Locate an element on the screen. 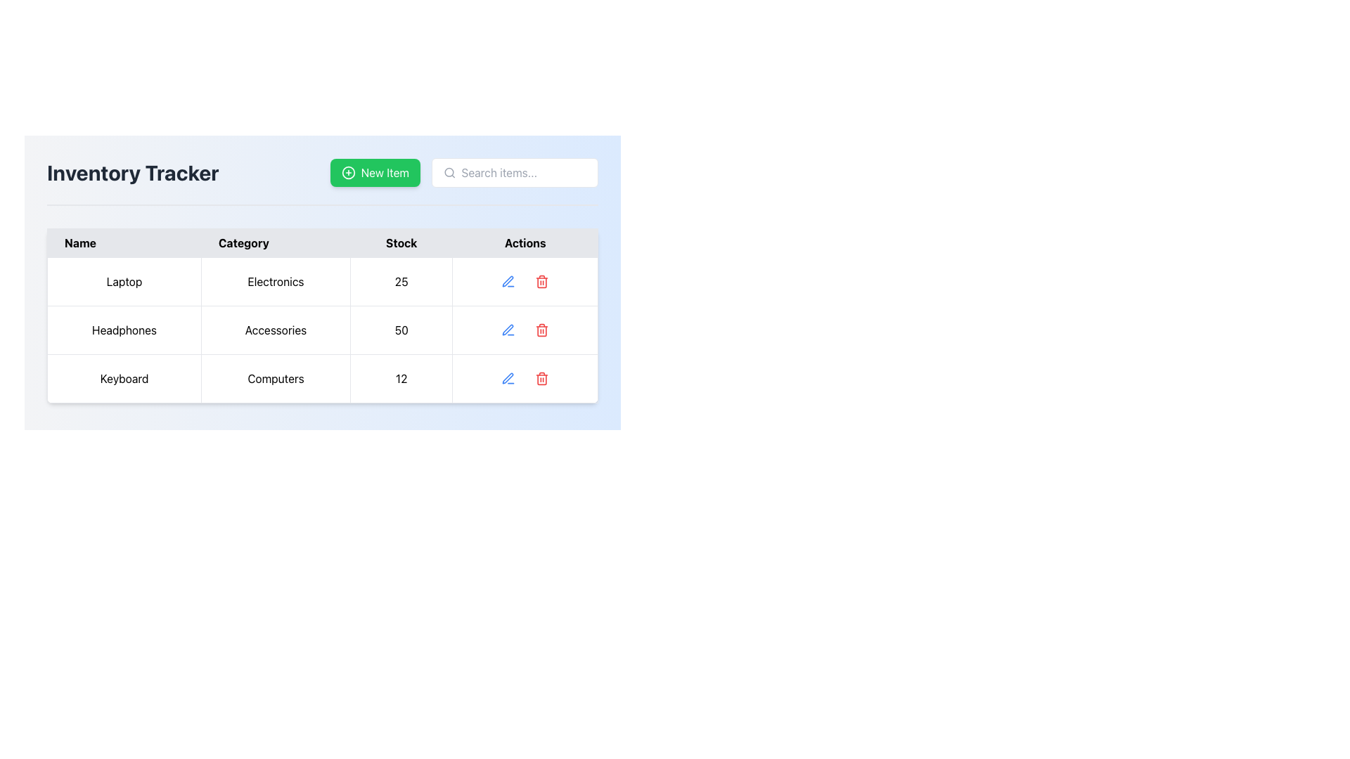 The width and height of the screenshot is (1350, 759). the red trash bin icon located in the 'Actions' column of the first row corresponding to 'Laptop' is located at coordinates (541, 282).